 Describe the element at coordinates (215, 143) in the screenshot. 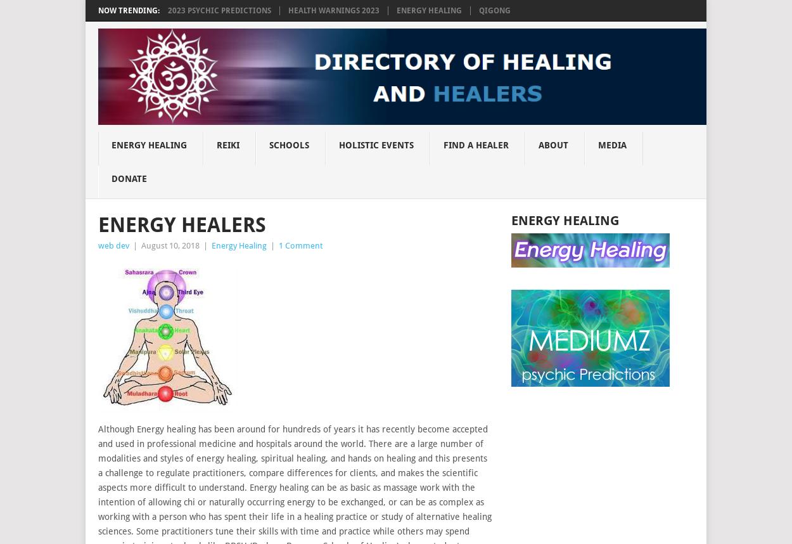

I see `'REIKI'` at that location.